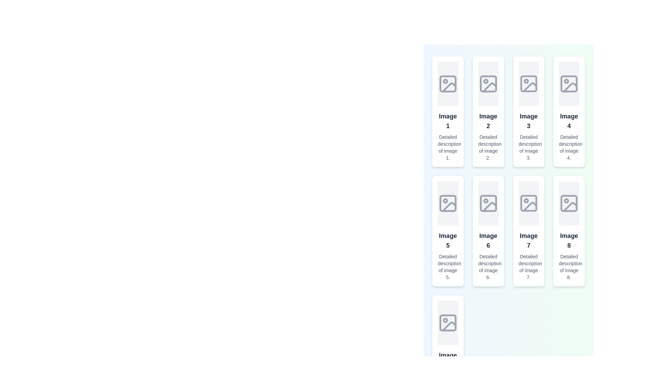 Image resolution: width=664 pixels, height=373 pixels. I want to click on the text label reading 'Image 5', so click(448, 240).